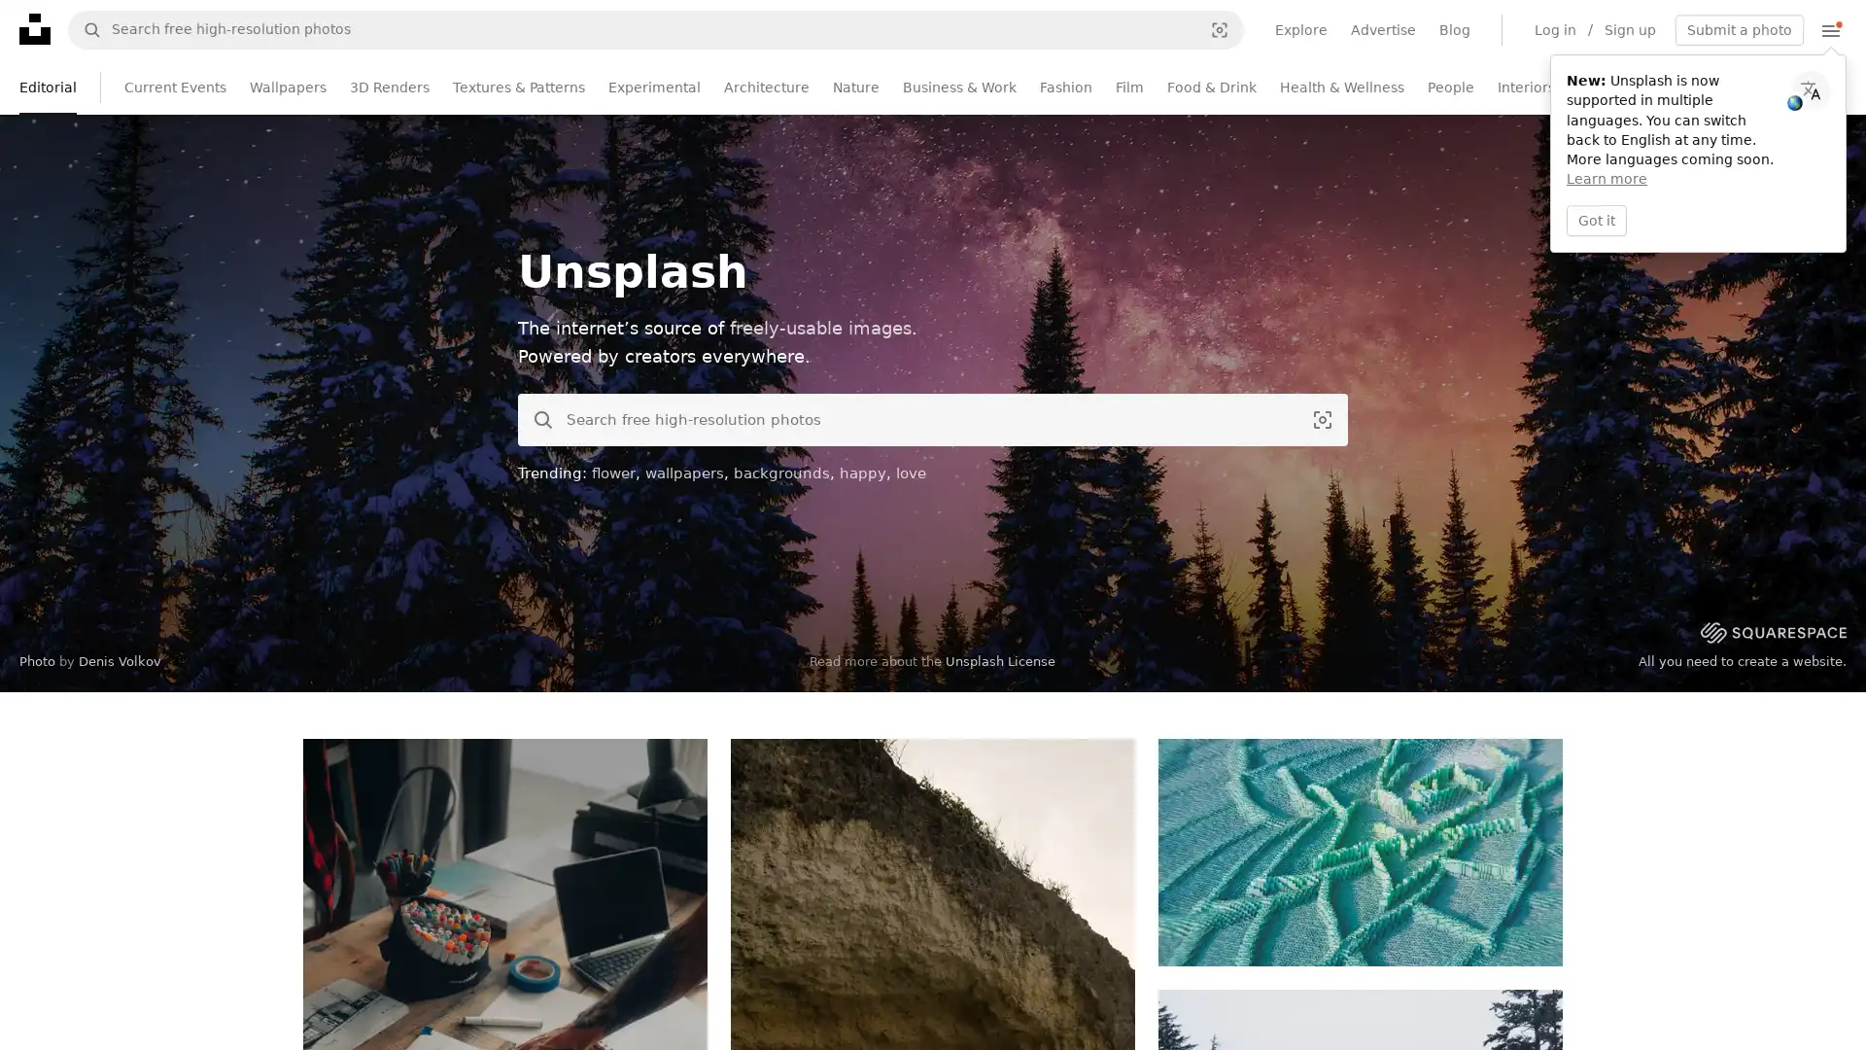 The image size is (1866, 1050). I want to click on Got it, so click(1596, 219).